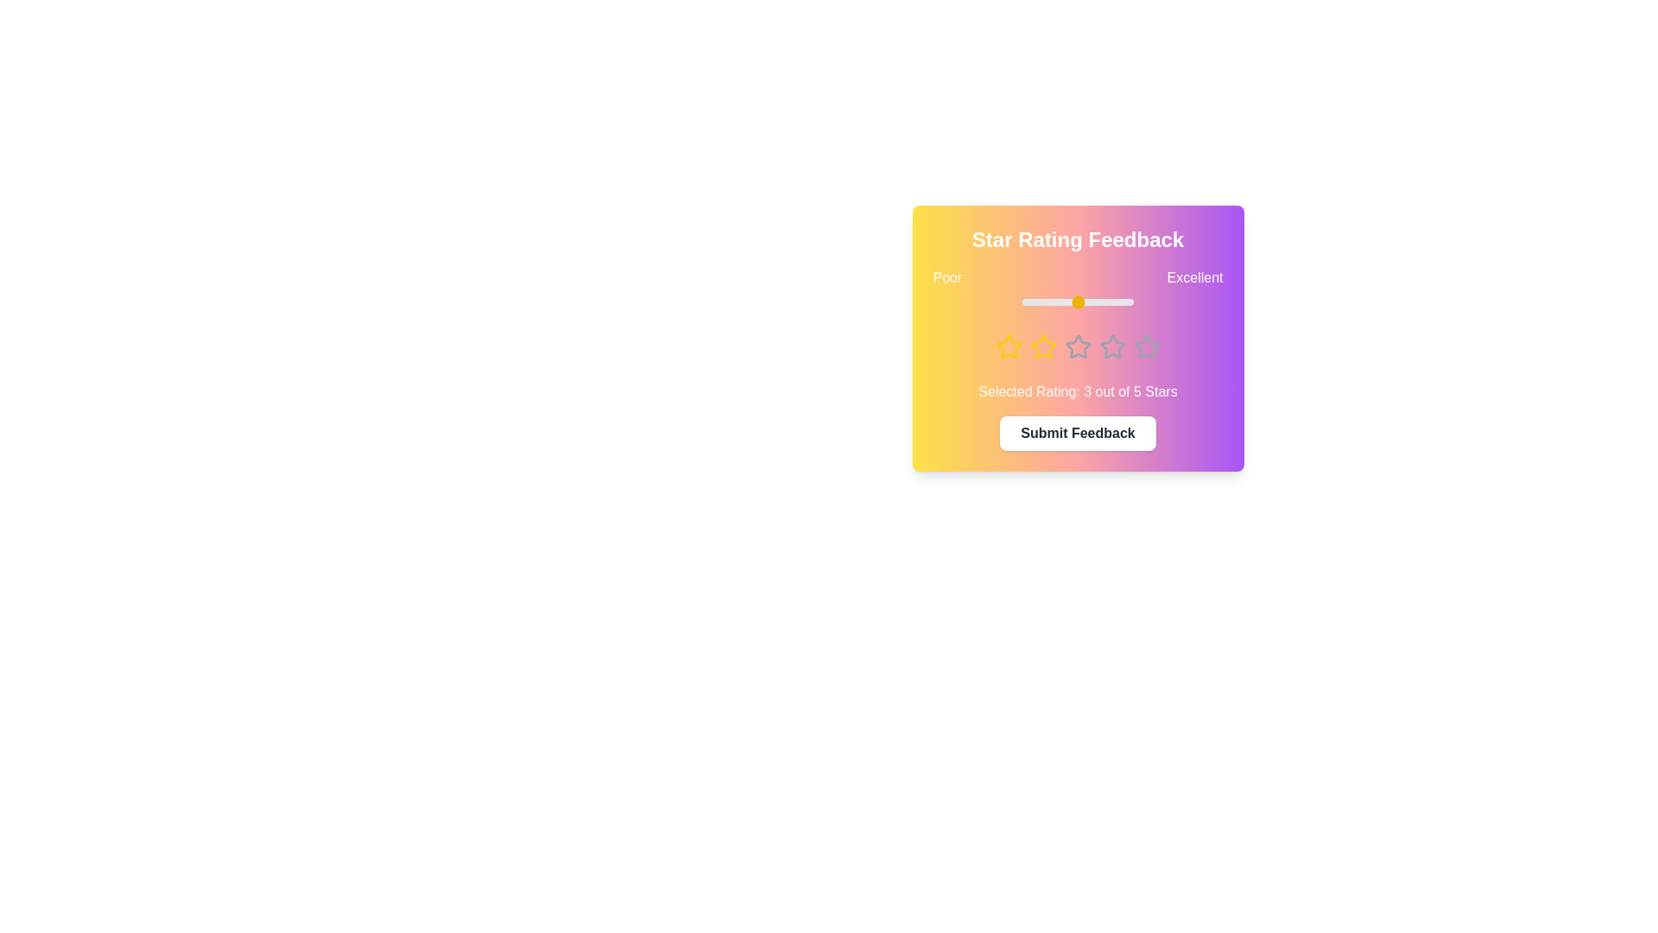 Image resolution: width=1658 pixels, height=933 pixels. I want to click on the slider to set the rating value to 81, so click(1112, 301).